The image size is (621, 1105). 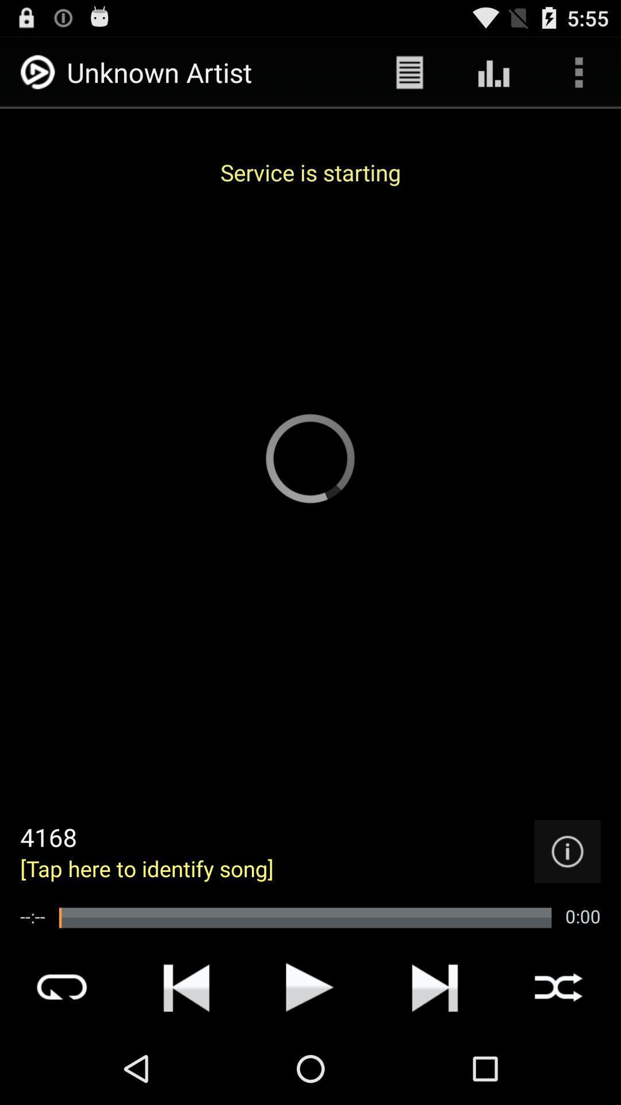 I want to click on the skip_previous icon, so click(x=186, y=1056).